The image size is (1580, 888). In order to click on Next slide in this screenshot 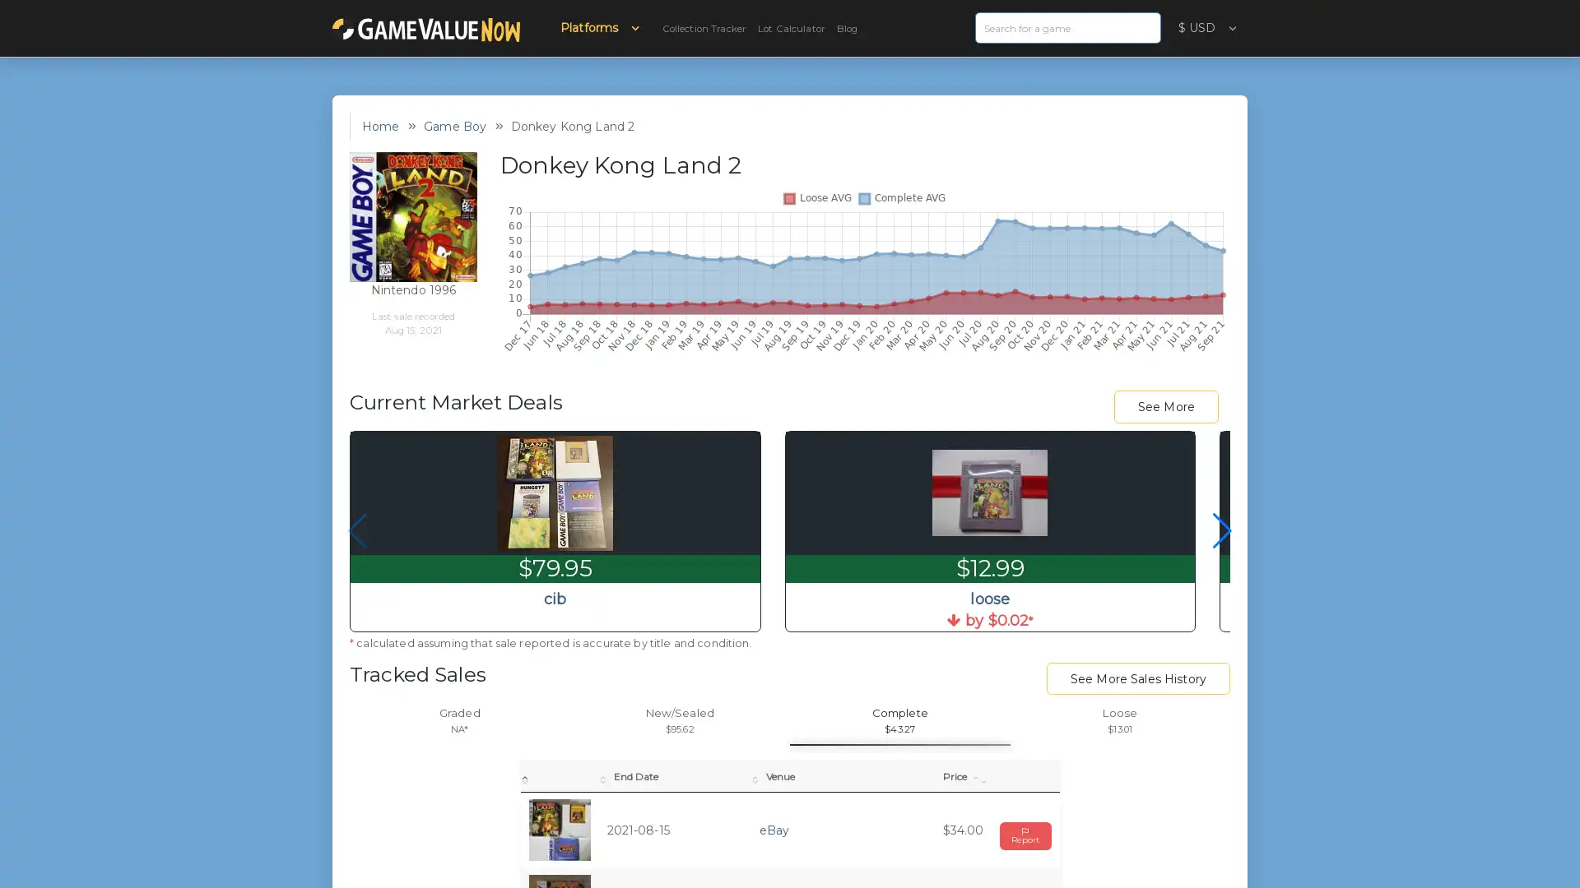, I will do `click(1222, 530)`.